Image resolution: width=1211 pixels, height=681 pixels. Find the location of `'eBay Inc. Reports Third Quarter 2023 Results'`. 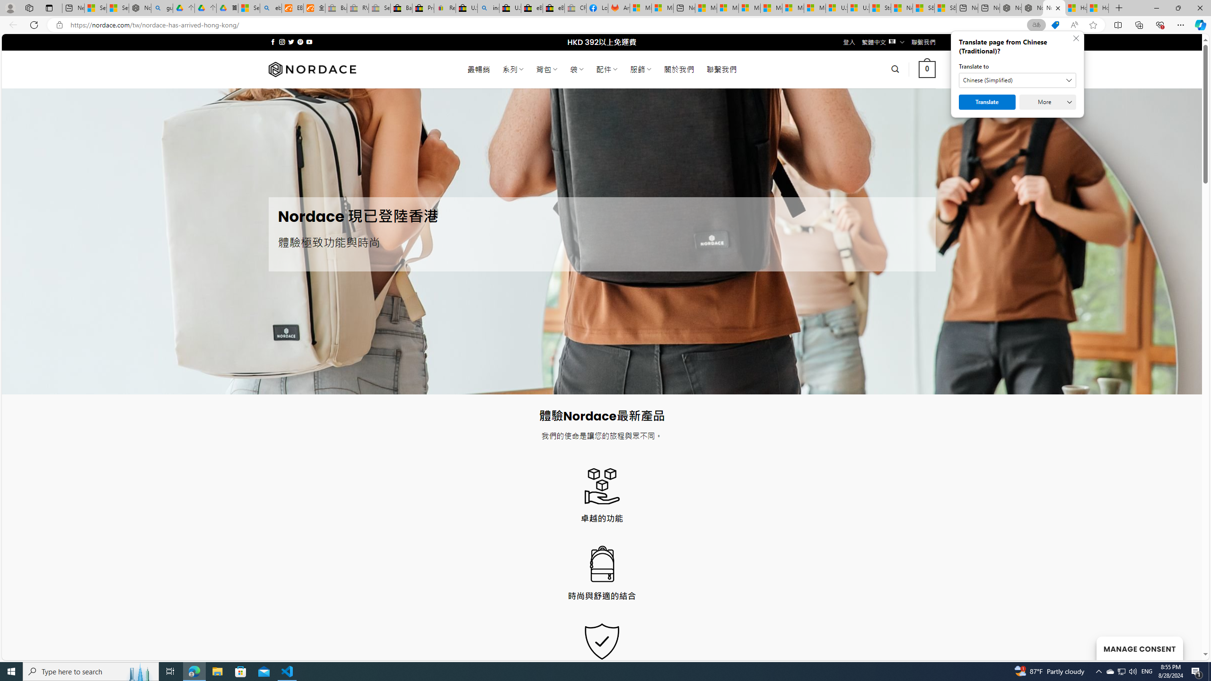

'eBay Inc. Reports Third Quarter 2023 Results' is located at coordinates (553, 8).